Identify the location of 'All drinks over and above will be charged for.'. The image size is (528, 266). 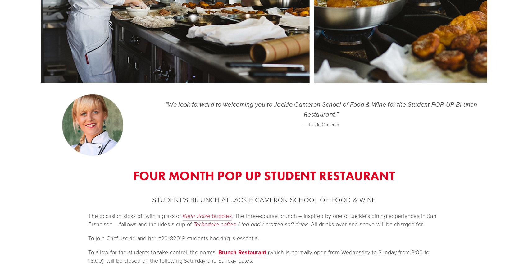
(310, 224).